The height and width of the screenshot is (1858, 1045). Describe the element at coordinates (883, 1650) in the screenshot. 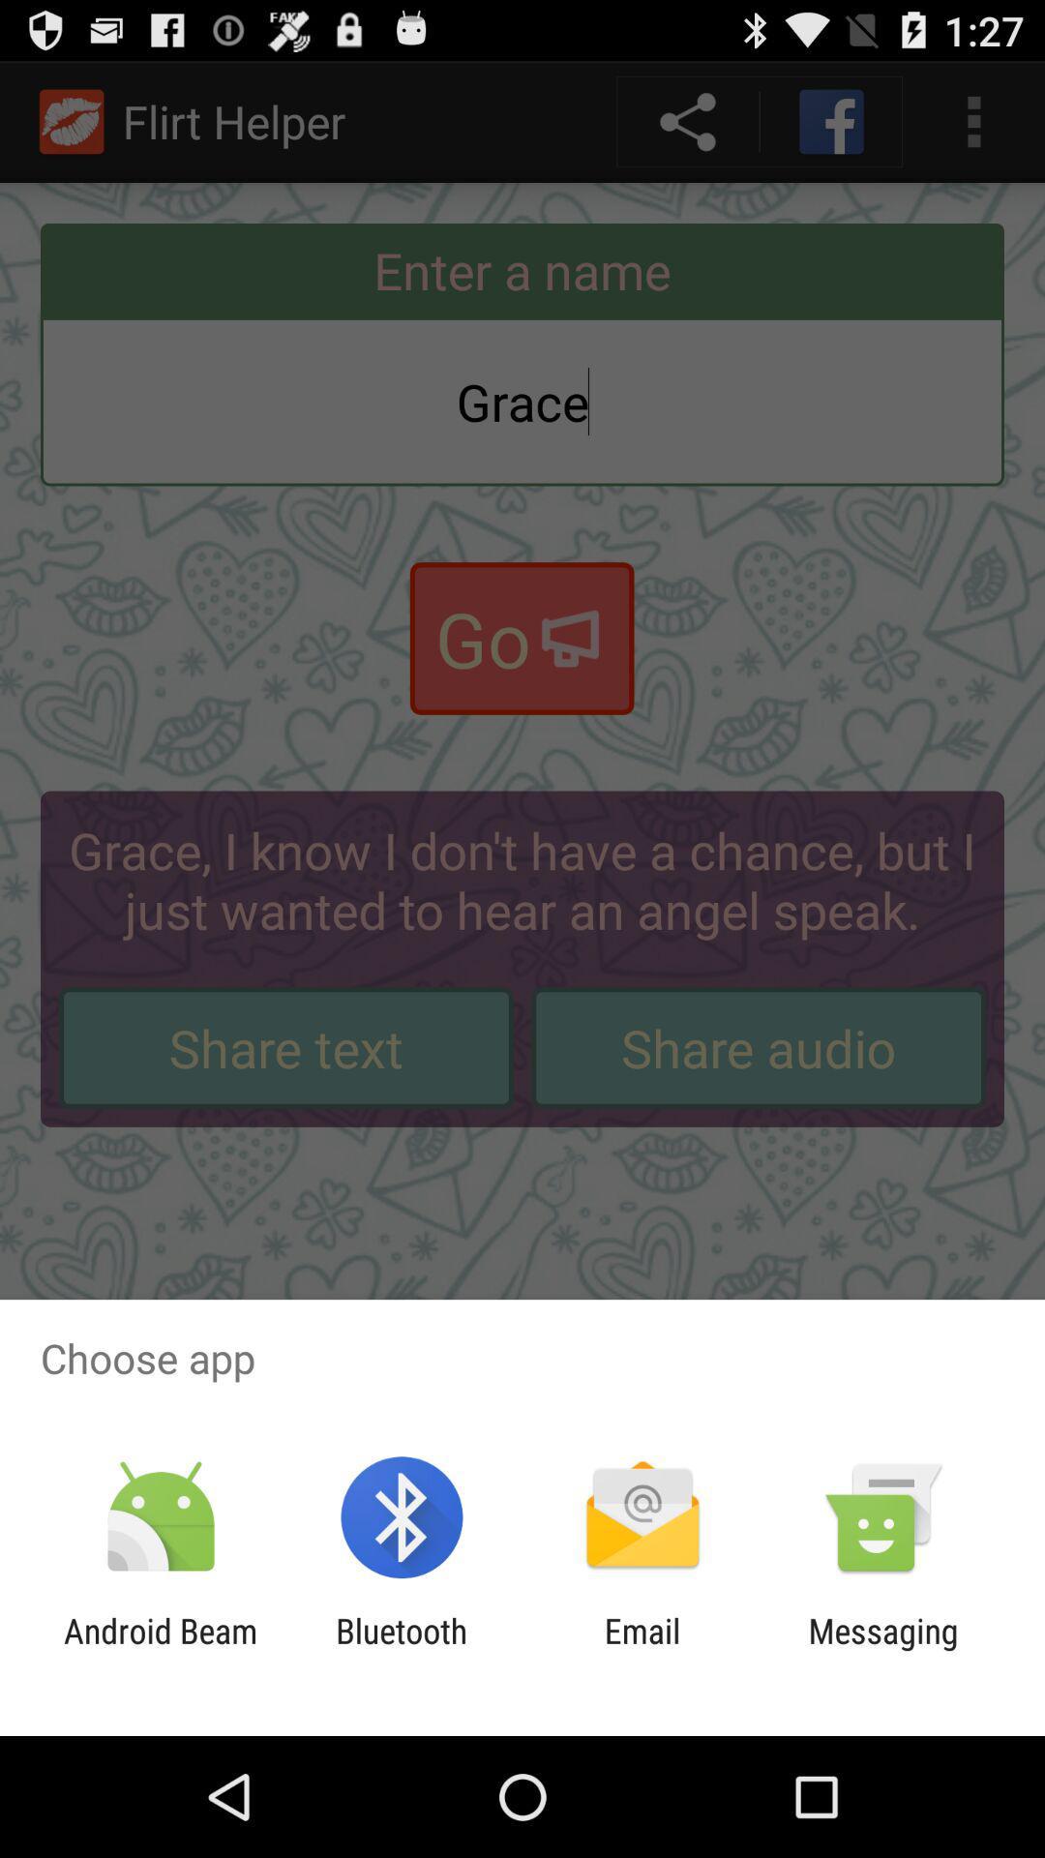

I see `the item to the right of the email` at that location.